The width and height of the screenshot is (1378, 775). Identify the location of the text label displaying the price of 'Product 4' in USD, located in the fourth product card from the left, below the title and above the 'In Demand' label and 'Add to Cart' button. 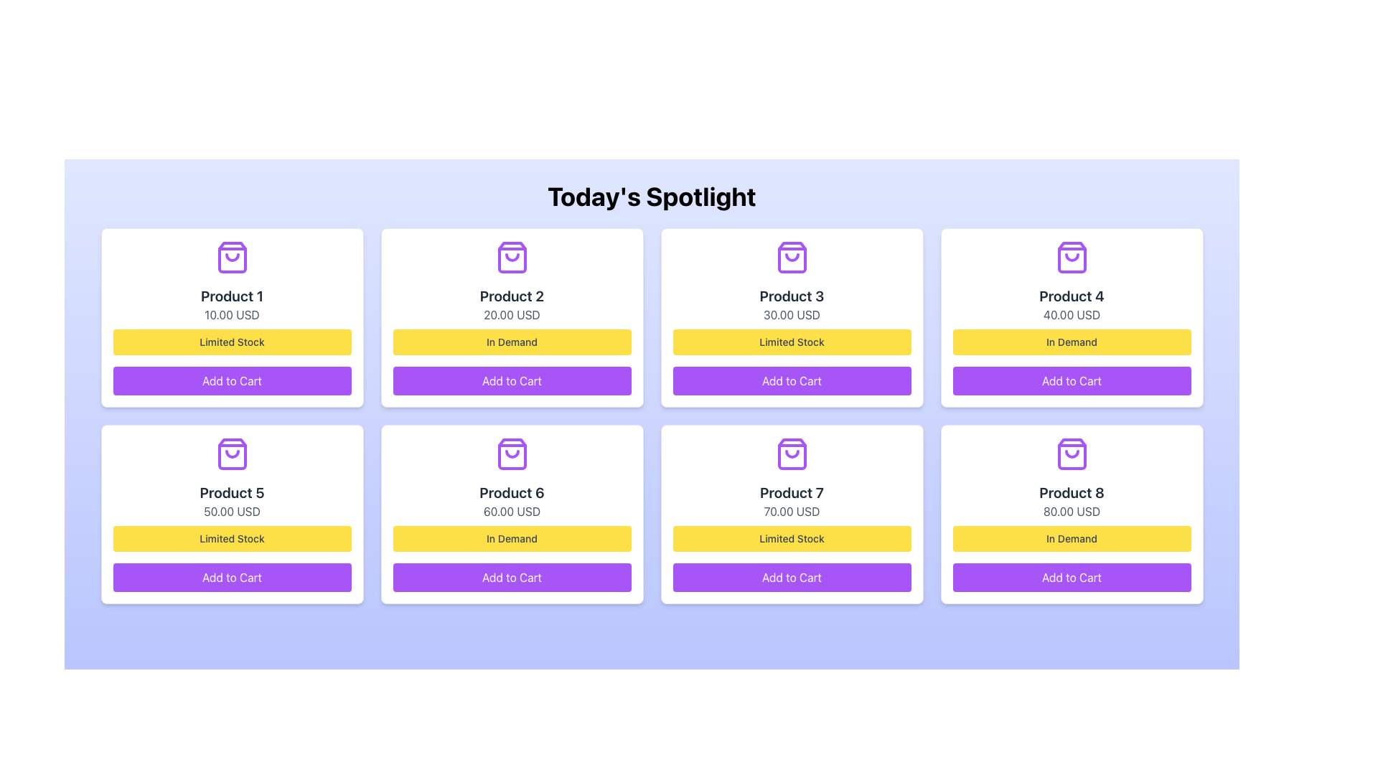
(1072, 314).